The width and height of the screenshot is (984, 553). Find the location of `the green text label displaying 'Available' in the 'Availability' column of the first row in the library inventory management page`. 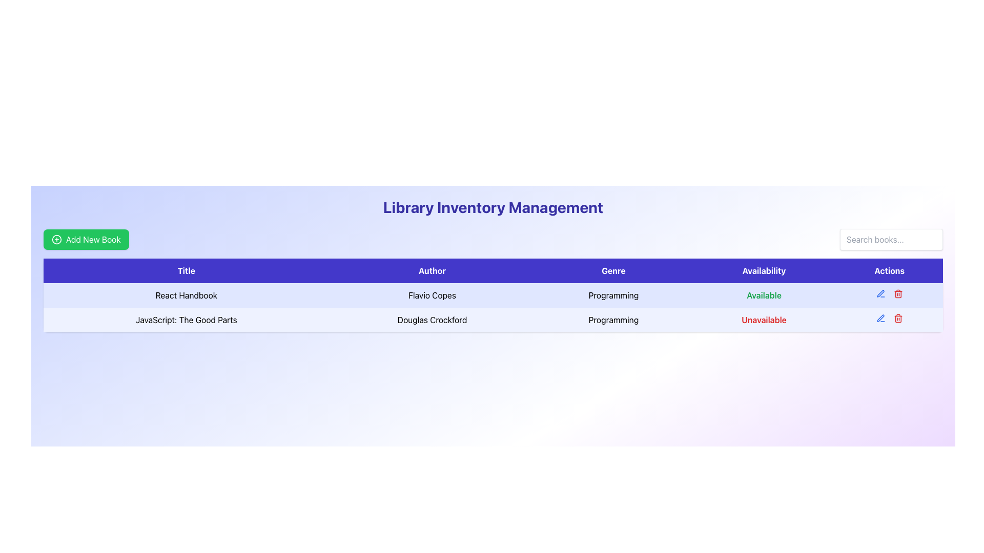

the green text label displaying 'Available' in the 'Availability' column of the first row in the library inventory management page is located at coordinates (764, 295).